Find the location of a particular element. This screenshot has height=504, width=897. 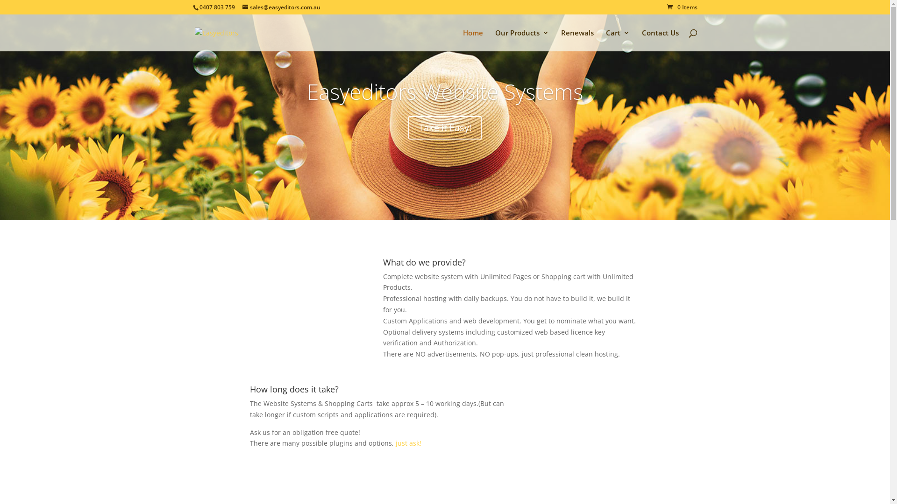

'Cart' is located at coordinates (617, 40).